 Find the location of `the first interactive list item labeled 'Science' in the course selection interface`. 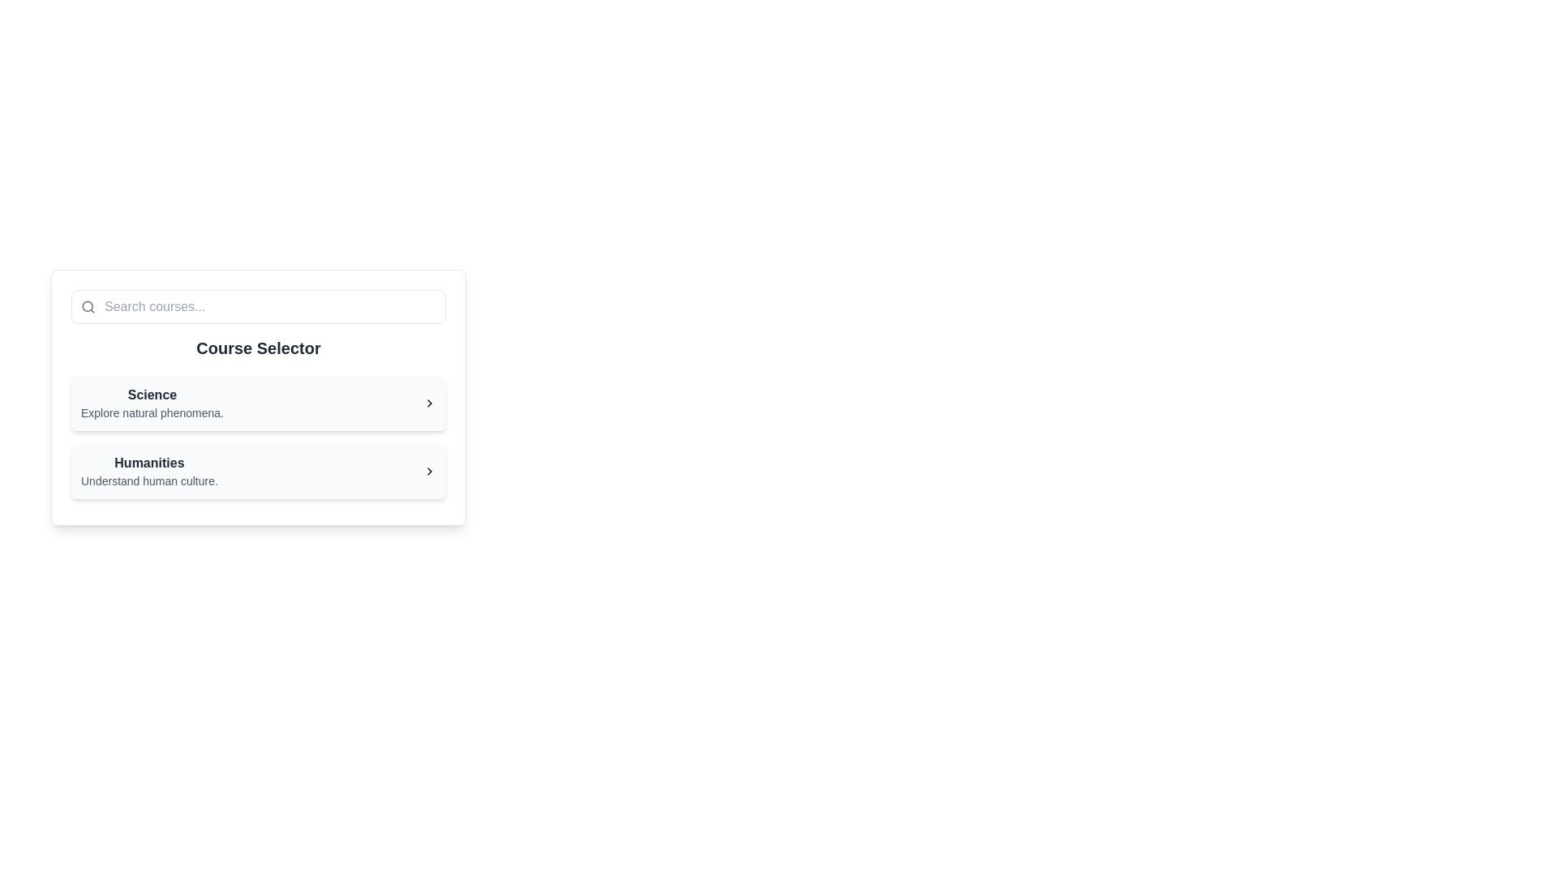

the first interactive list item labeled 'Science' in the course selection interface is located at coordinates (152, 402).